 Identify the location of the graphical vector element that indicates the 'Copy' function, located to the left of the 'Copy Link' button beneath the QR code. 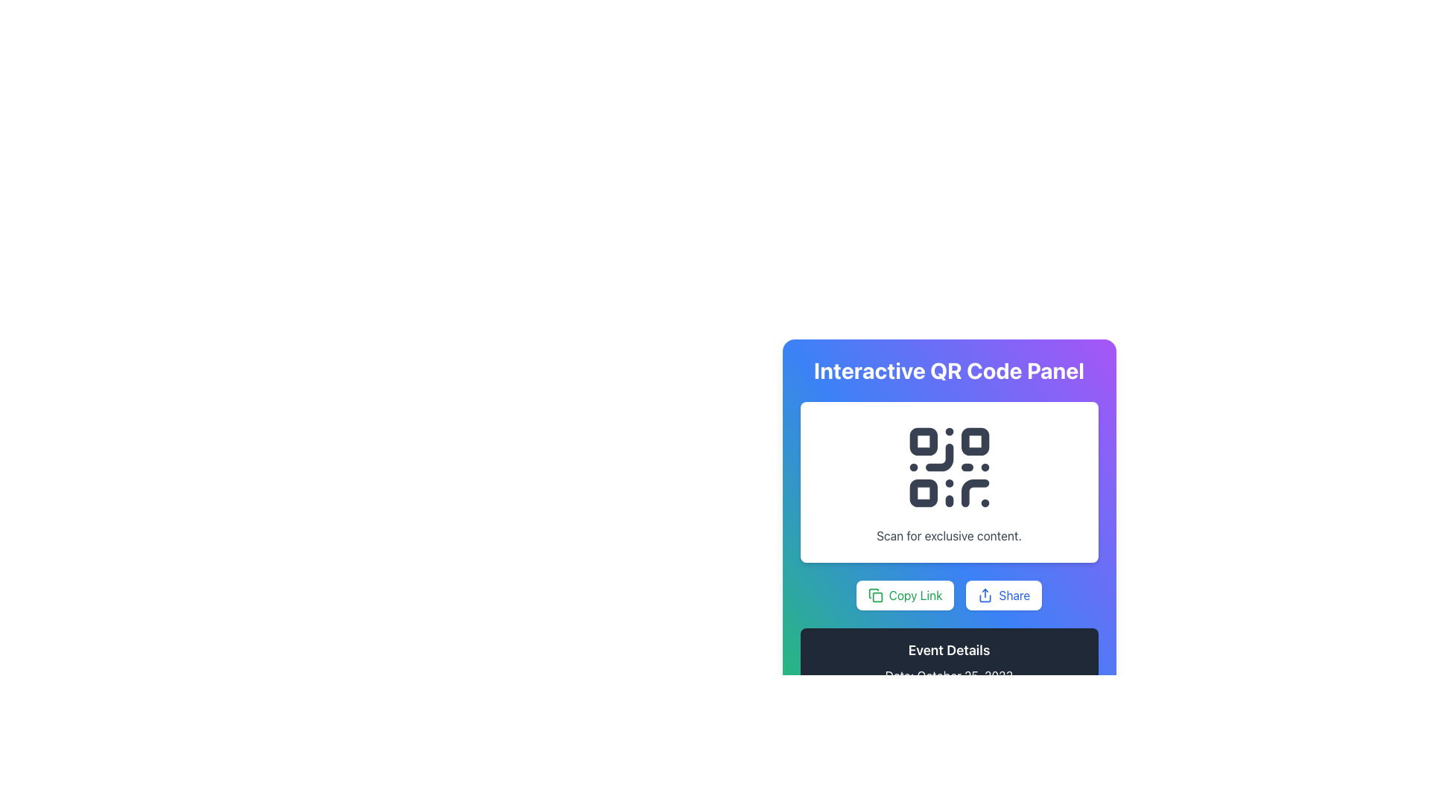
(877, 596).